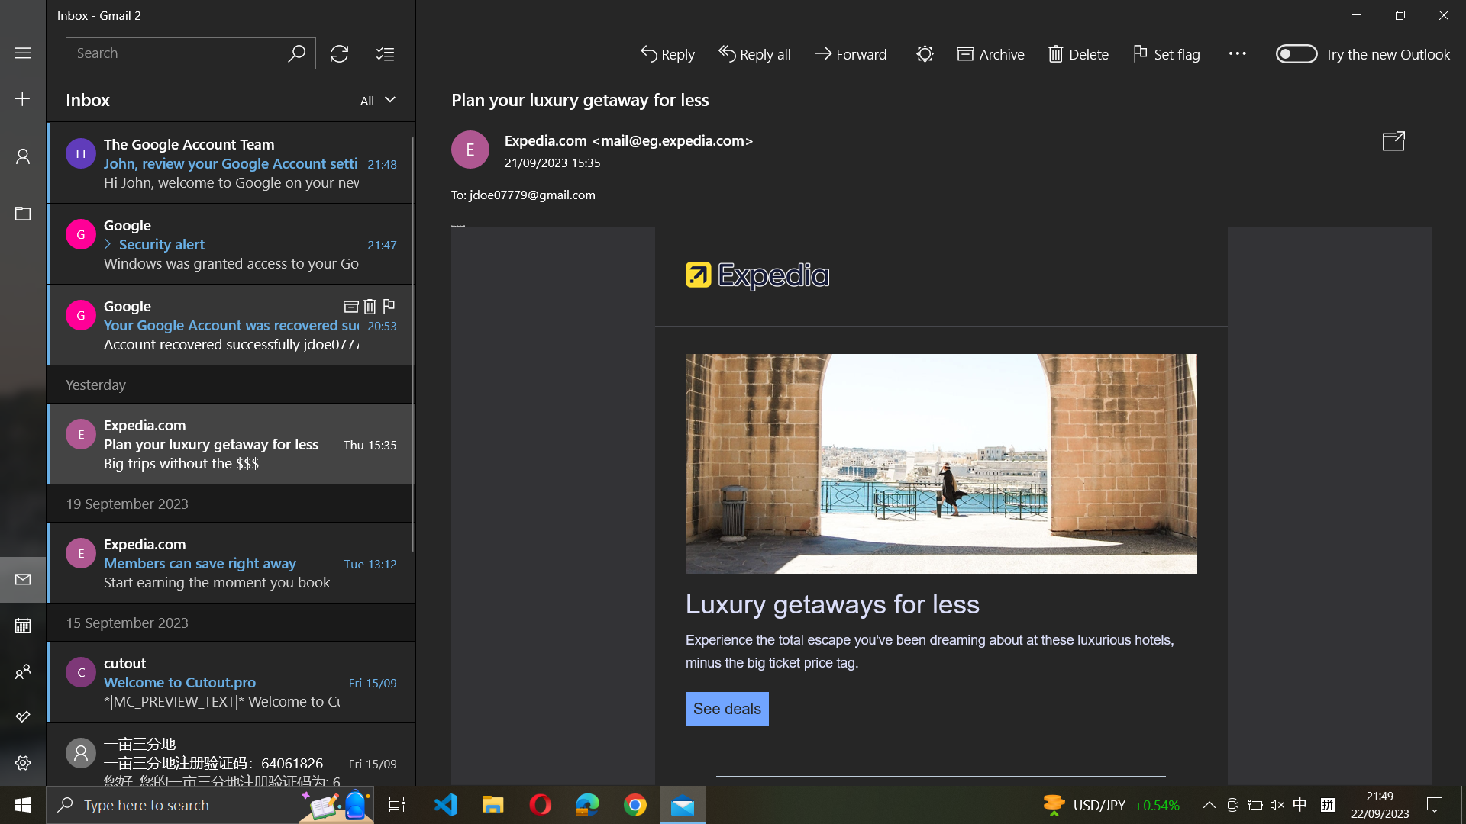 The height and width of the screenshot is (824, 1466). I want to click on the first email in inbox, so click(231, 162).